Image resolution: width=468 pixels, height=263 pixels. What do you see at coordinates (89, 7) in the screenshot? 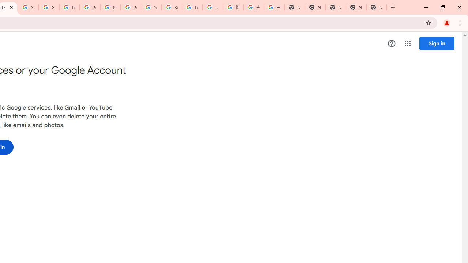
I see `'Privacy Help Center - Policies Help'` at bounding box center [89, 7].